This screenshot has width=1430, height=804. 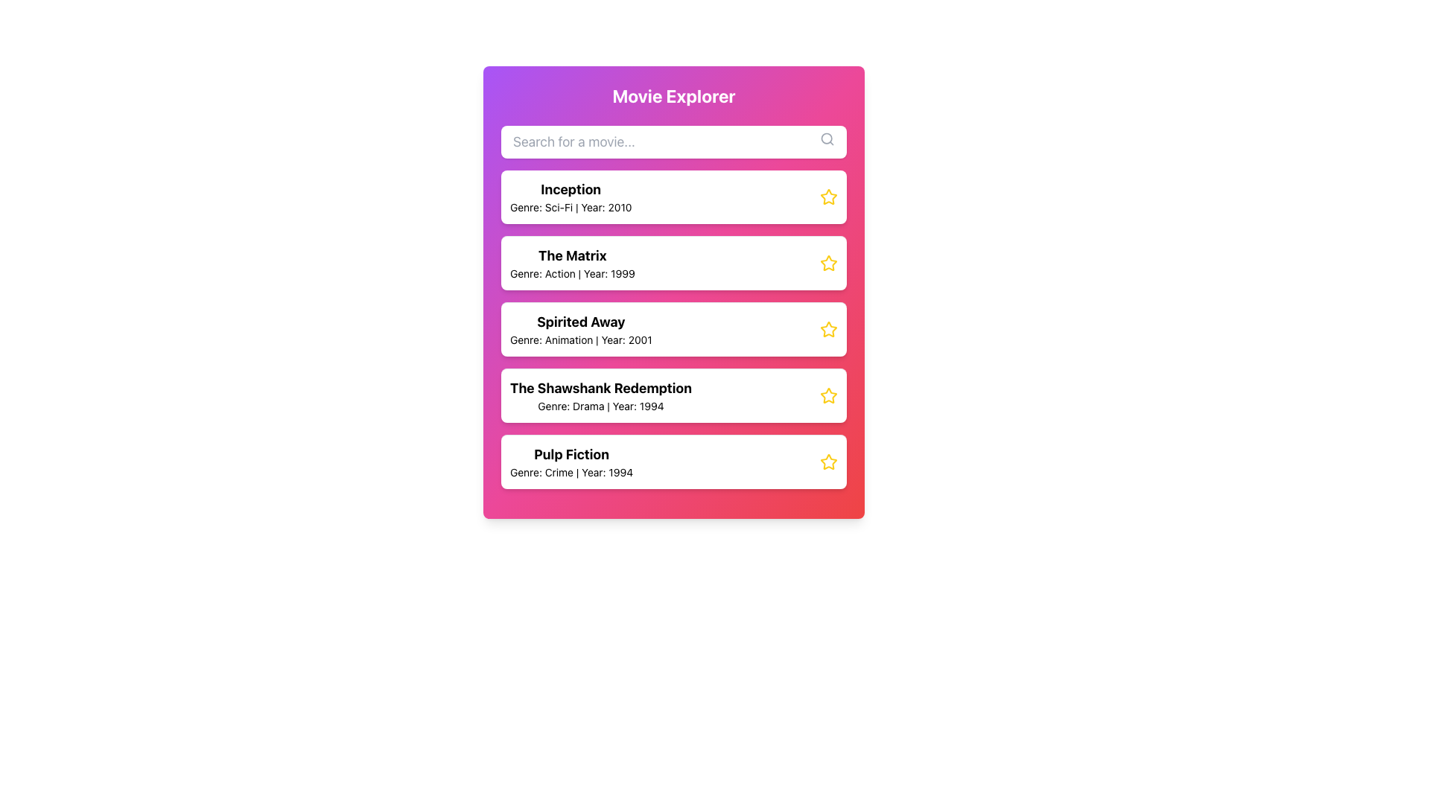 I want to click on bold text label displaying 'The Shawshank Redemption' located in the movie detail card, which is the first line of text in a vertical movie listing interface, so click(x=600, y=387).